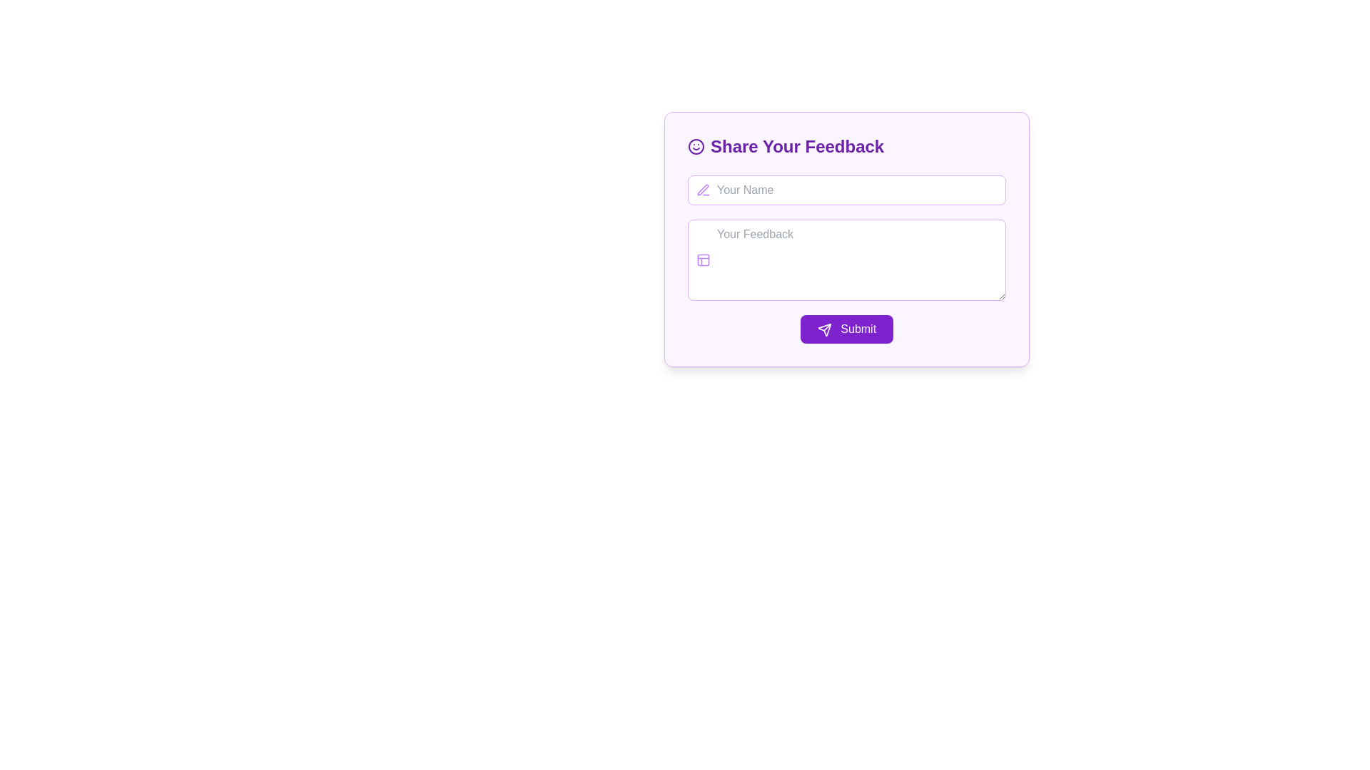  Describe the element at coordinates (703, 189) in the screenshot. I see `the small purple pen-like icon located near the top-left of the feedback pop-up form` at that location.